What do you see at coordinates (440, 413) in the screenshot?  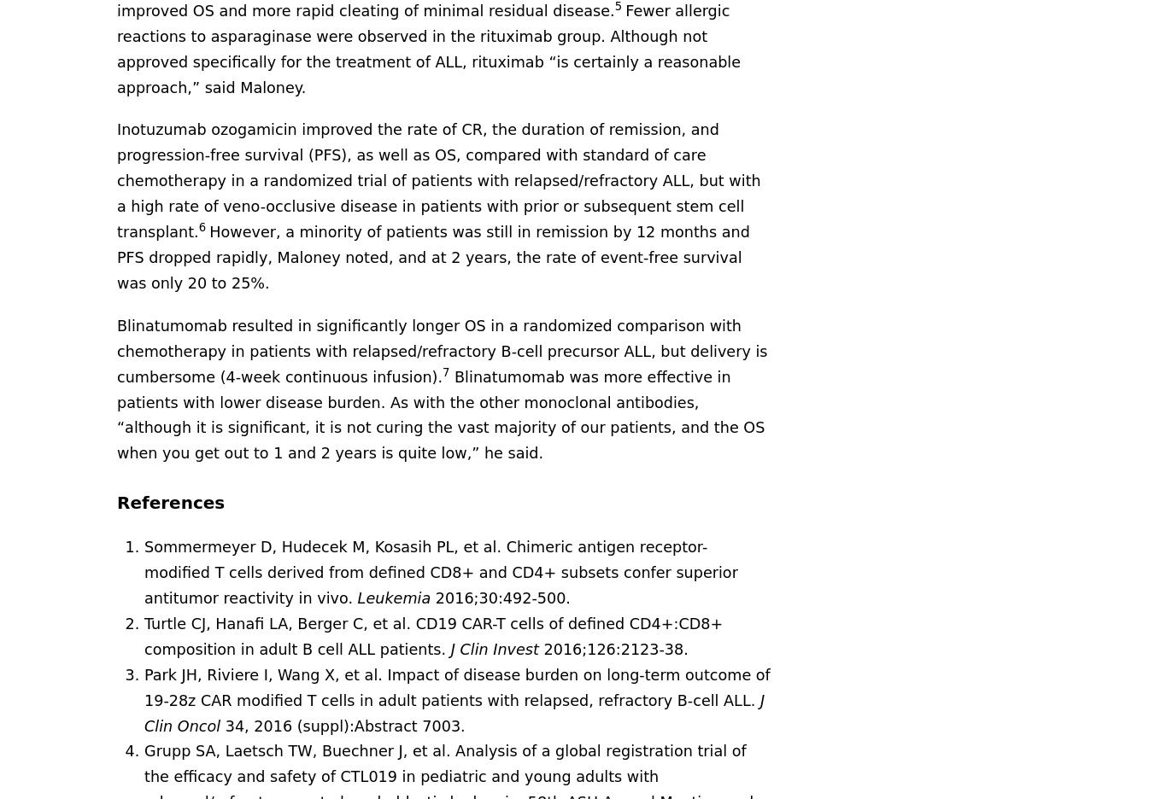 I see `'Blinatumomab was more effective in patients with lower disease burden. As with the other monoclonal antibodies, “although it is significant, it is not curing the vast majority of our patients, and the OS when you get out to 1 and 2 years is quite low,” he said.'` at bounding box center [440, 413].